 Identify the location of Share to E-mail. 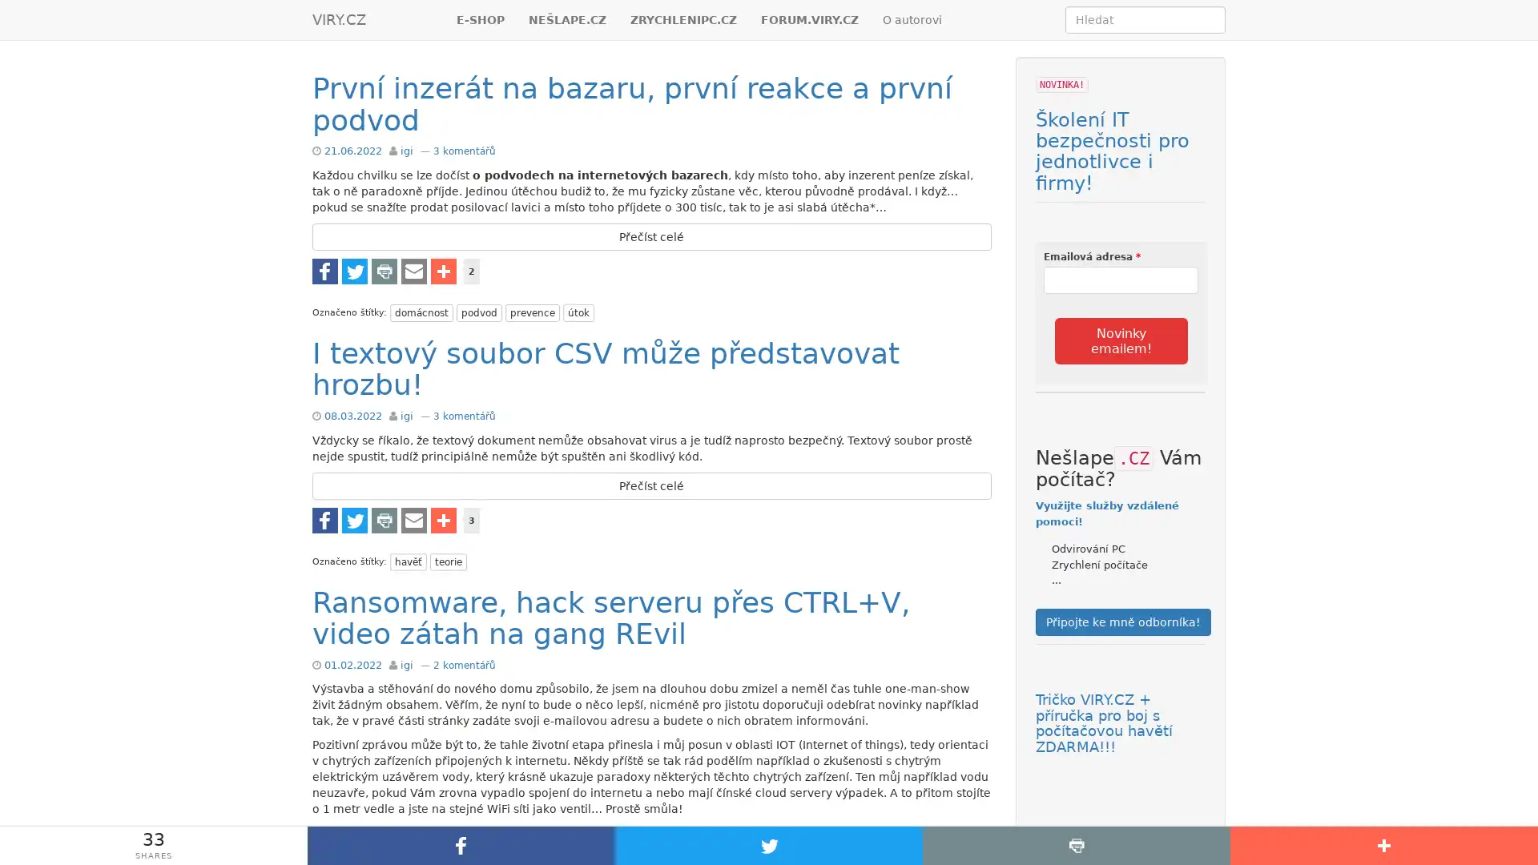
(414, 519).